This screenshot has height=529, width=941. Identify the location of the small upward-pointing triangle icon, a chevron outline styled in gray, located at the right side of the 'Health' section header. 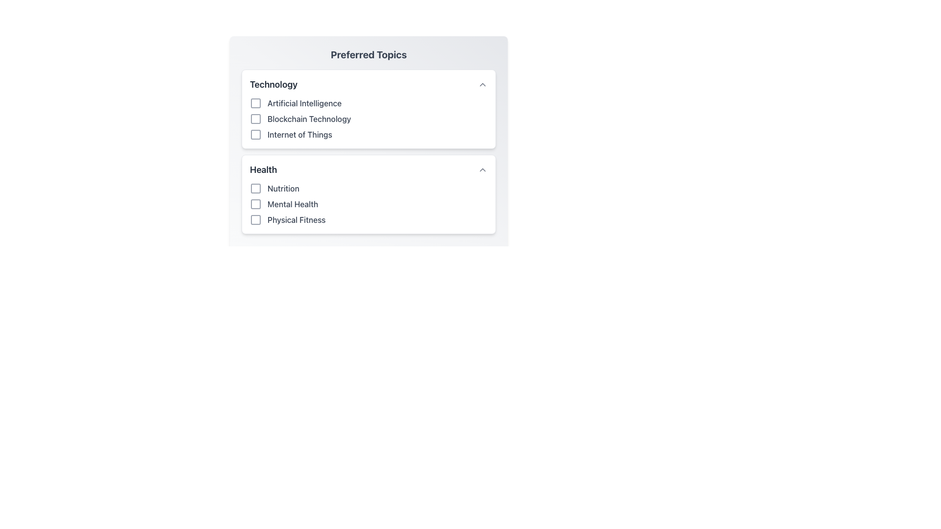
(482, 169).